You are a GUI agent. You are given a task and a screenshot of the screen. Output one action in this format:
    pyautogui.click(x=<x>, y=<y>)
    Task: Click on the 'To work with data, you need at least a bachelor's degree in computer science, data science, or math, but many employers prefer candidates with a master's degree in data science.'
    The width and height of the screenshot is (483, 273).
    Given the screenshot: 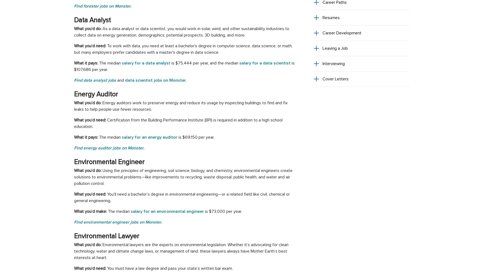 What is the action you would take?
    pyautogui.click(x=183, y=49)
    